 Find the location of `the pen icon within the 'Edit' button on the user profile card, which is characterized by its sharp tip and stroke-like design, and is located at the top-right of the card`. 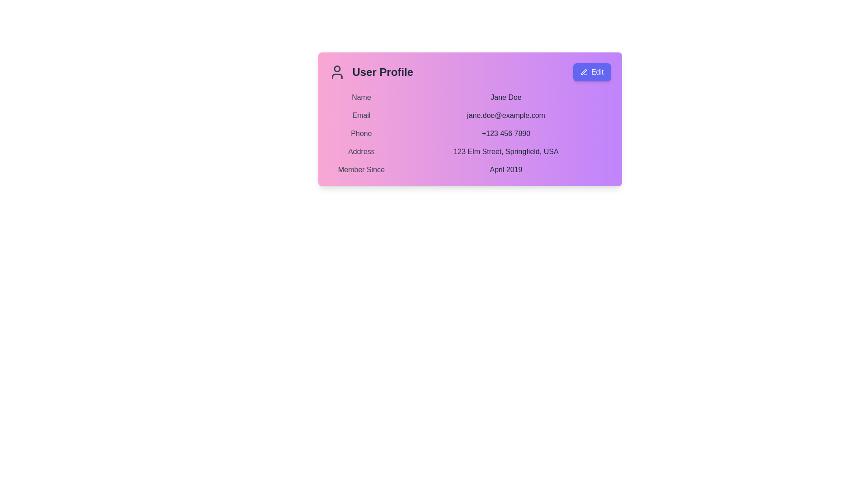

the pen icon within the 'Edit' button on the user profile card, which is characterized by its sharp tip and stroke-like design, and is located at the top-right of the card is located at coordinates (584, 71).